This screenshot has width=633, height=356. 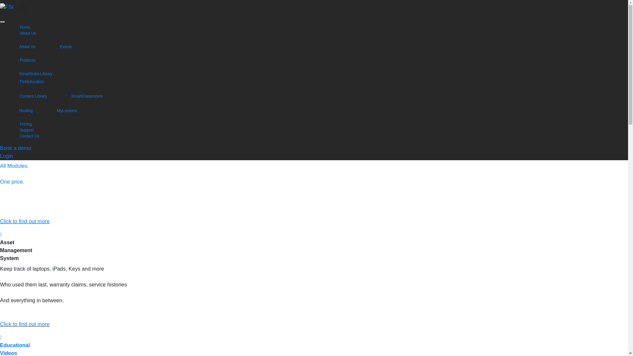 What do you see at coordinates (19, 124) in the screenshot?
I see `'Pricing'` at bounding box center [19, 124].